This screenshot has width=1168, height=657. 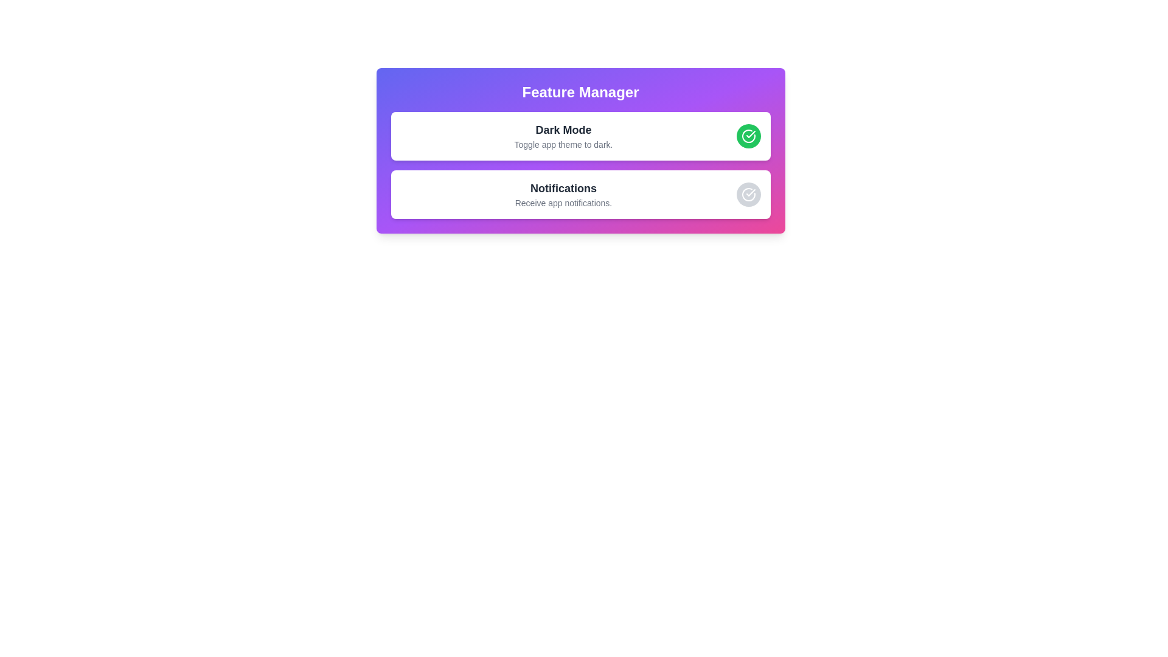 I want to click on the interactive button located at the far right of the row labeled 'NotificationsReceive app notifications.' in the bottom section of the feature list, so click(x=748, y=194).